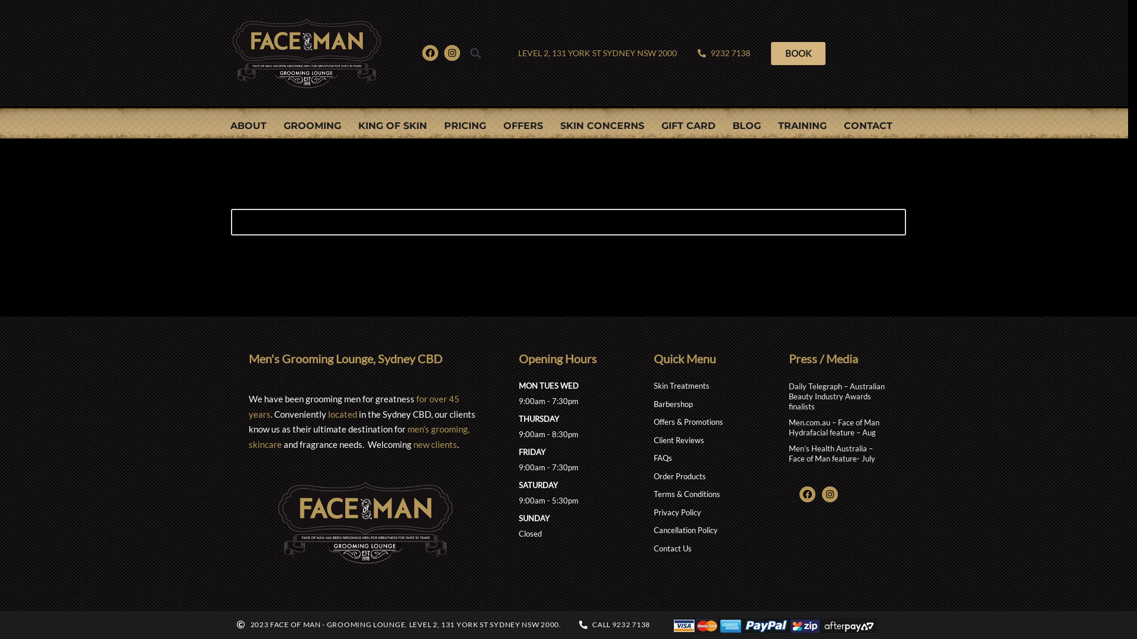 Image resolution: width=1137 pixels, height=639 pixels. Describe the element at coordinates (745, 125) in the screenshot. I see `'BLOG'` at that location.